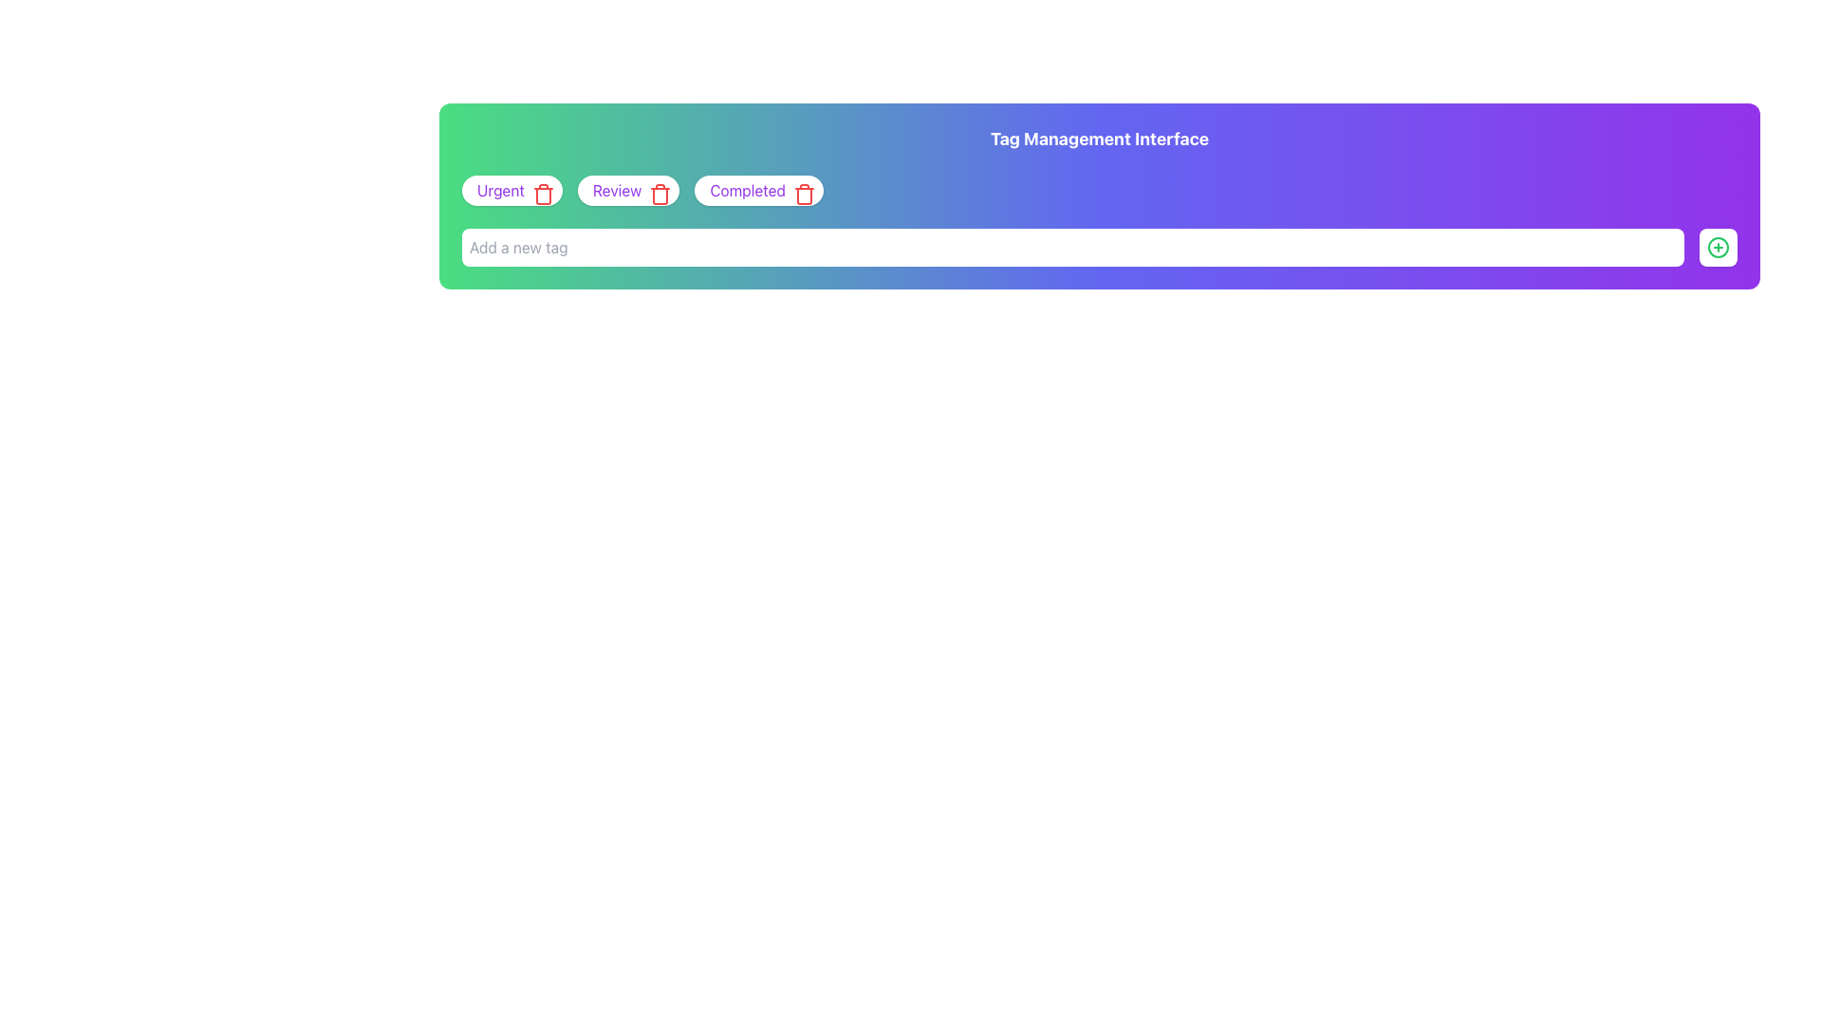  Describe the element at coordinates (657, 190) in the screenshot. I see `the small red trash can icon button located to the right of the 'Review' tag` at that location.